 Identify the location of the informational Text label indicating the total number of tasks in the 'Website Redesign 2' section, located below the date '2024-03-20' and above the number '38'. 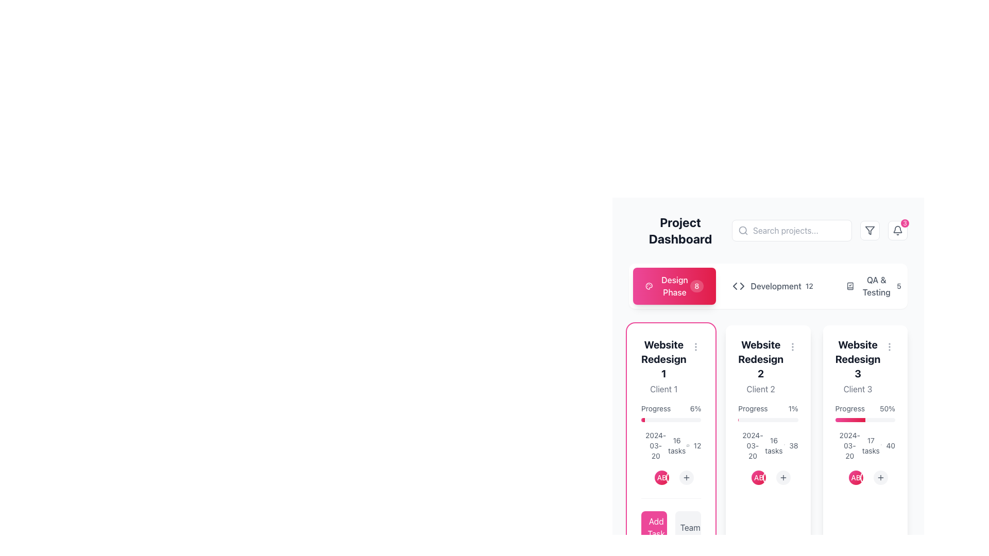
(774, 445).